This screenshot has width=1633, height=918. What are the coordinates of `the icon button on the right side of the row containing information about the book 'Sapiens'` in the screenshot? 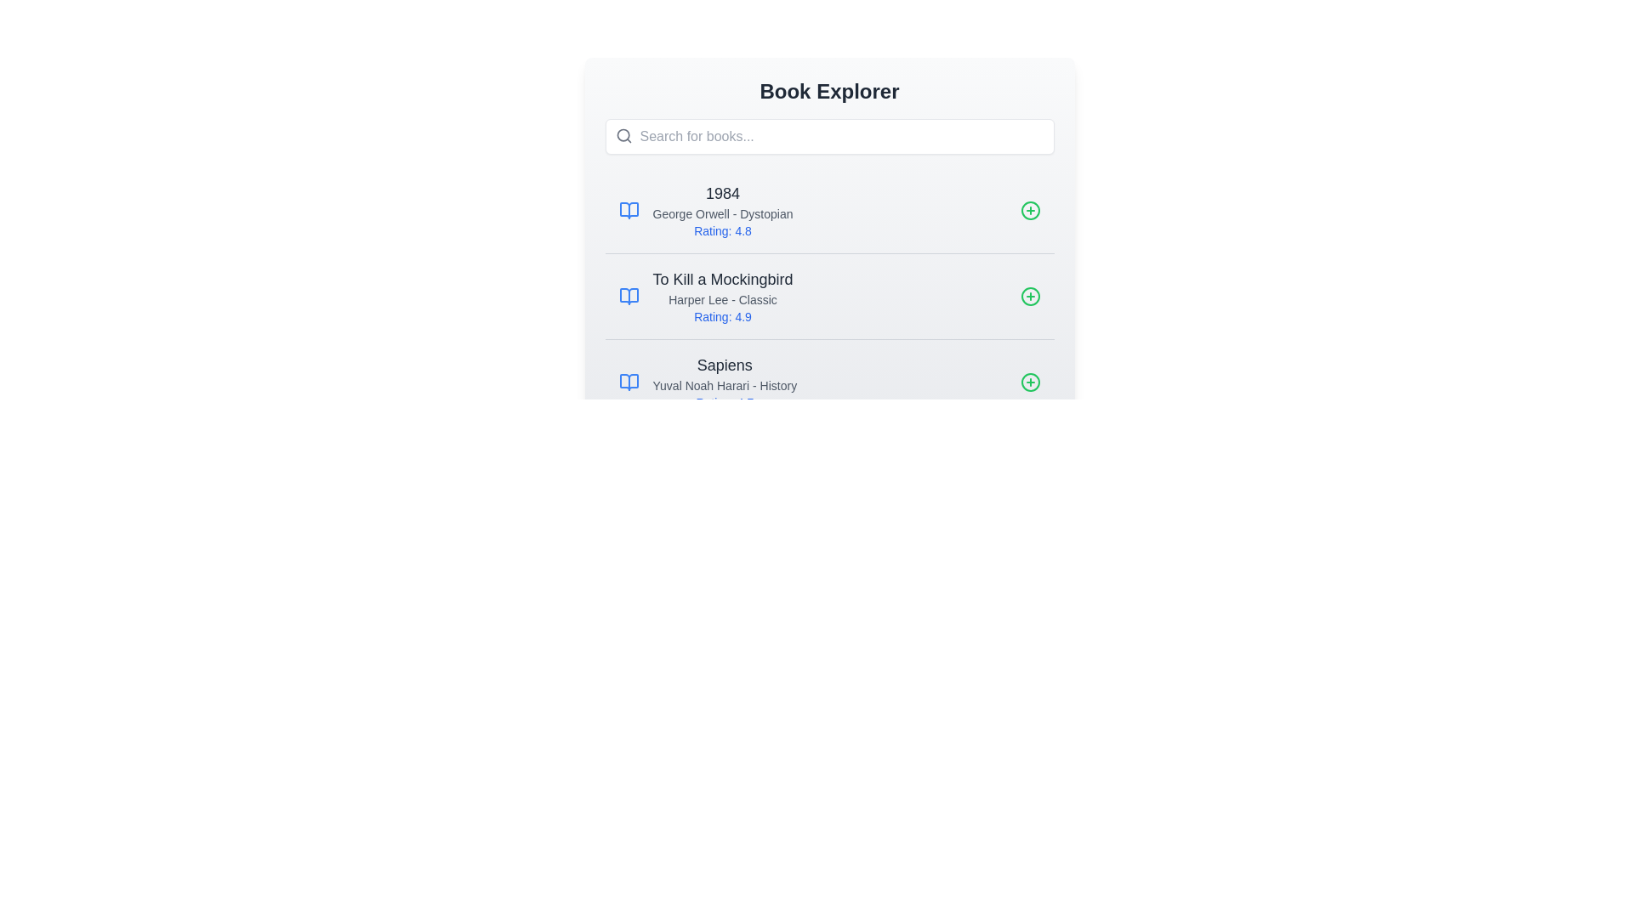 It's located at (1029, 382).